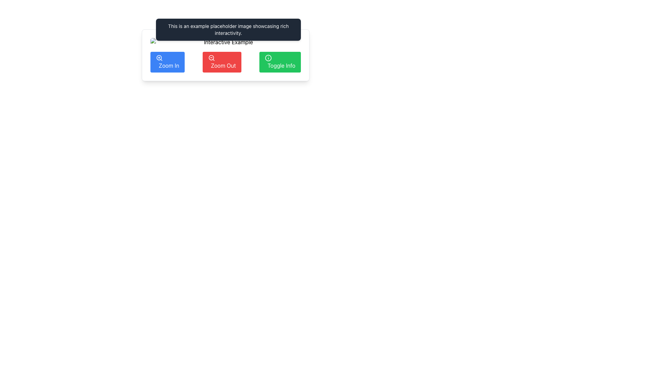  I want to click on the zoom-in button located to the left of the 'Zoom Out' button, so click(167, 62).